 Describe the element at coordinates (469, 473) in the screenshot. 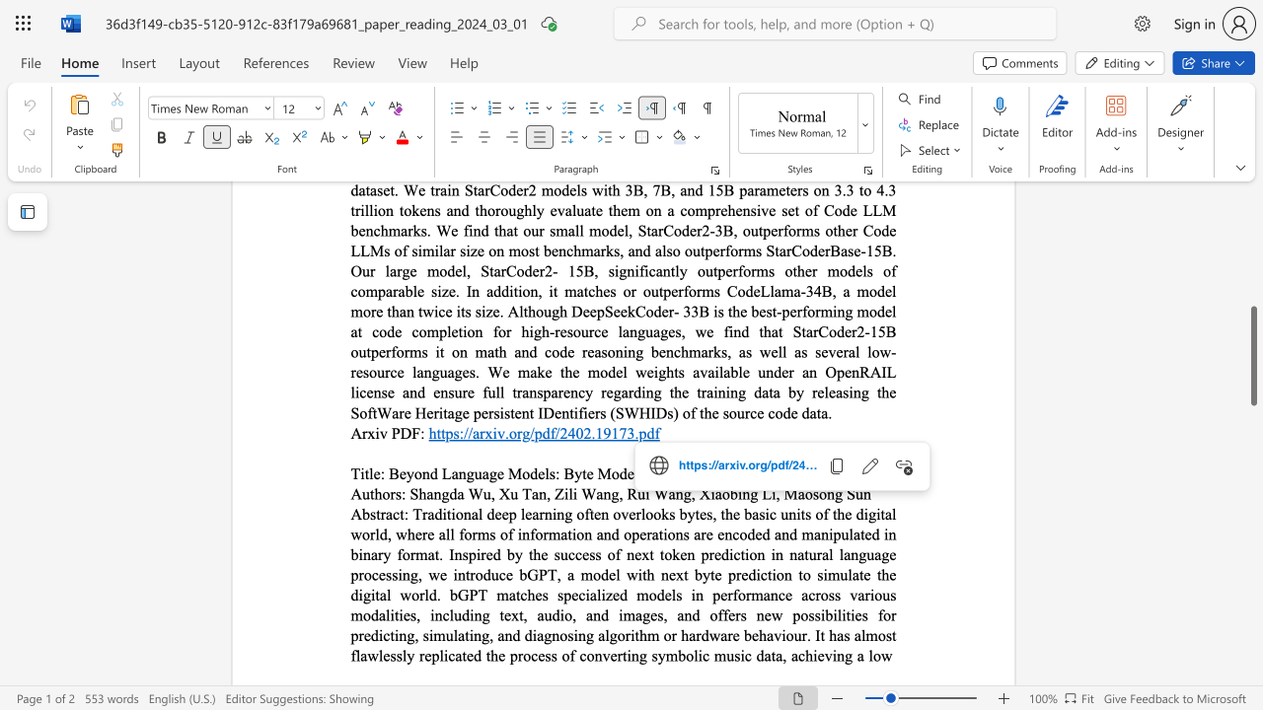

I see `the 1th character "g" in the text` at that location.